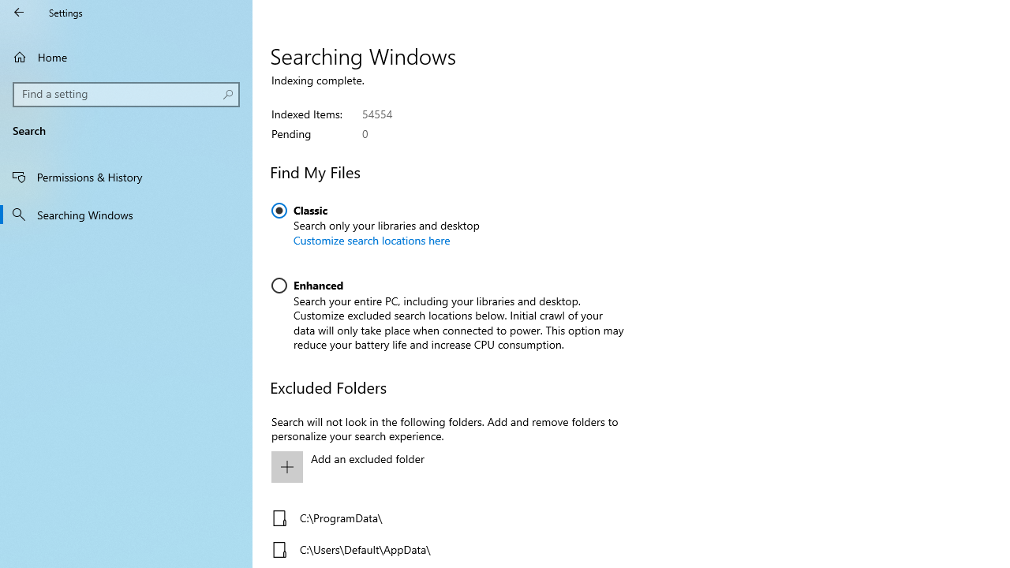 This screenshot has width=1010, height=568. What do you see at coordinates (443, 548) in the screenshot?
I see `'C:\Users\Default\AppData\'` at bounding box center [443, 548].